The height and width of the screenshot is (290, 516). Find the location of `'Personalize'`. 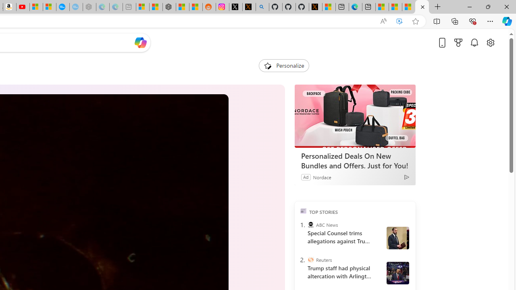

'Personalize' is located at coordinates (284, 65).